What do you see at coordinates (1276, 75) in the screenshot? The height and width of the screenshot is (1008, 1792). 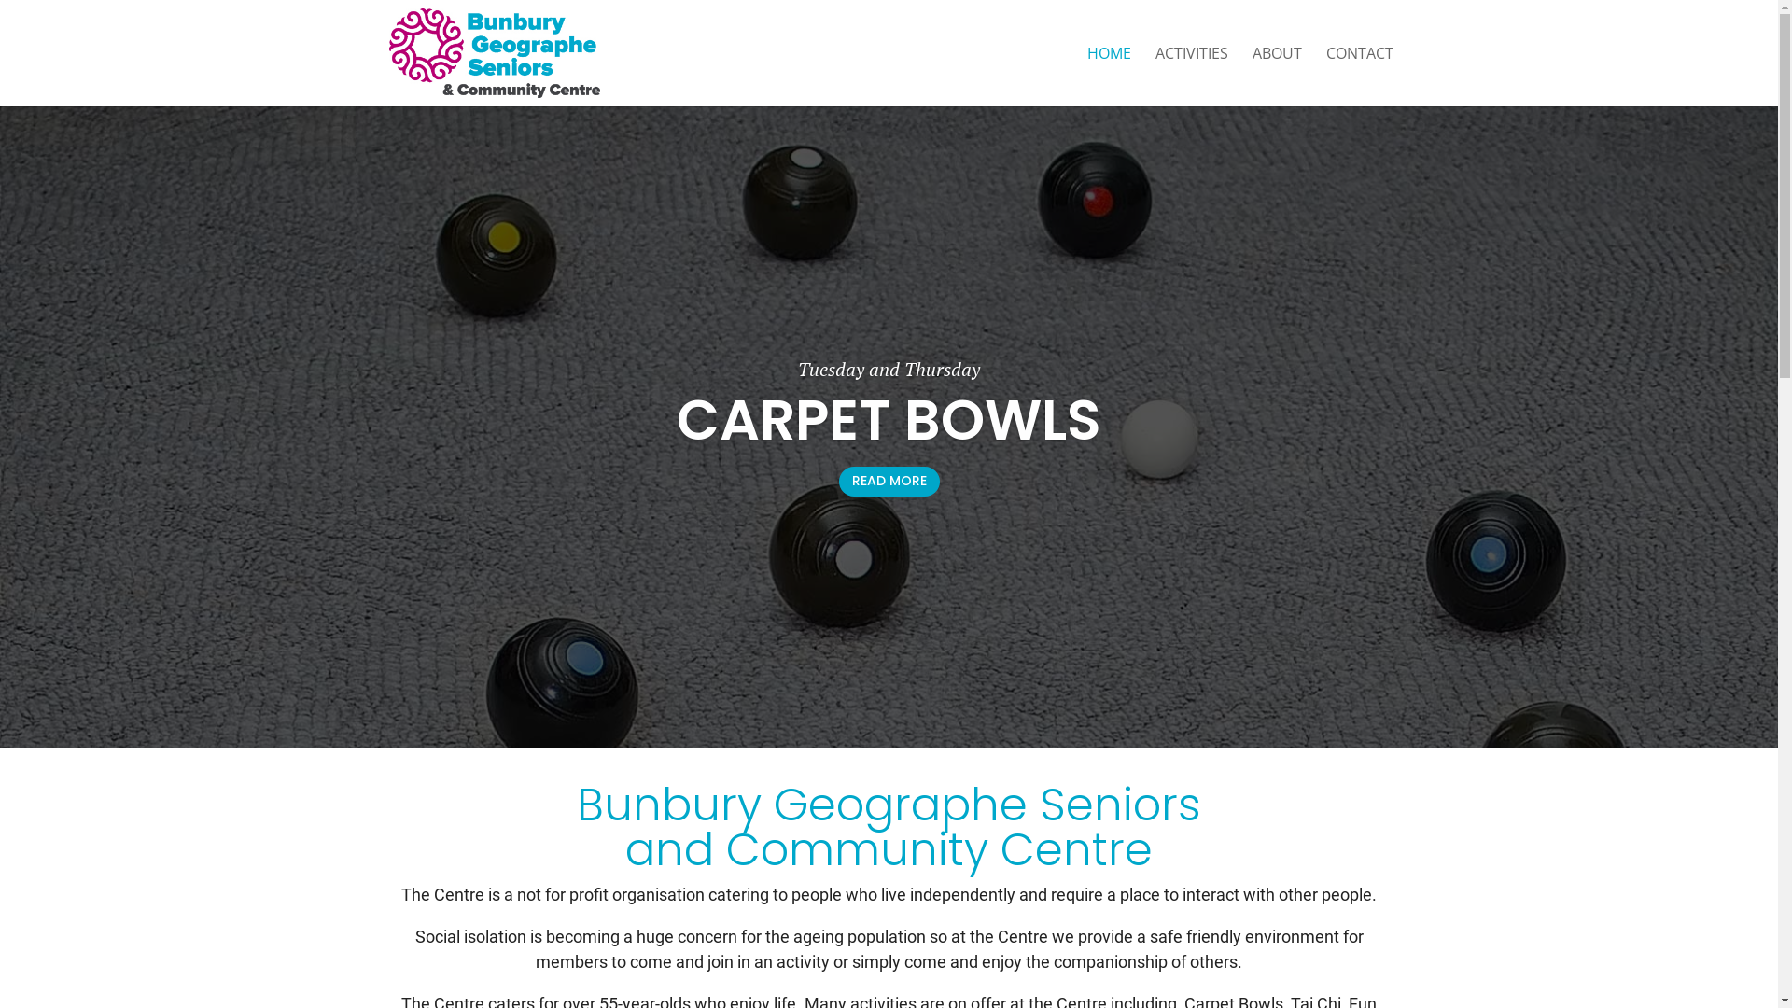 I see `'ABOUT'` at bounding box center [1276, 75].